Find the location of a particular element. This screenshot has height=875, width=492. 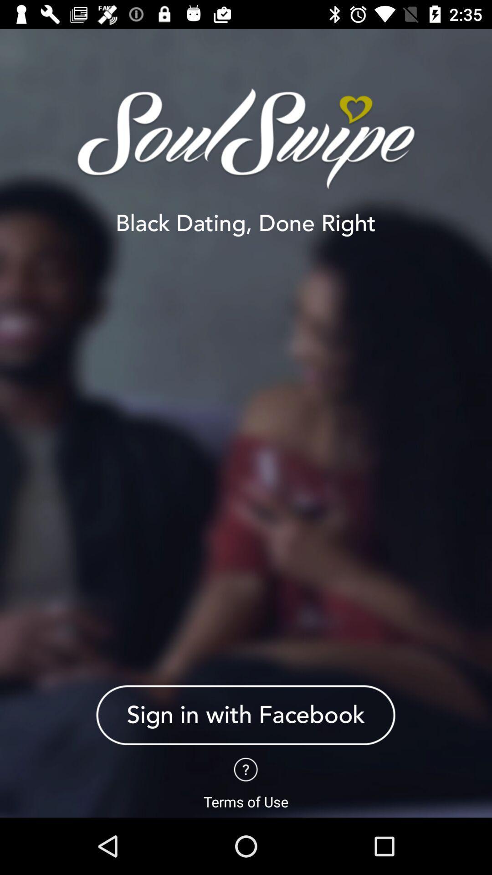

the help icon is located at coordinates (245, 769).